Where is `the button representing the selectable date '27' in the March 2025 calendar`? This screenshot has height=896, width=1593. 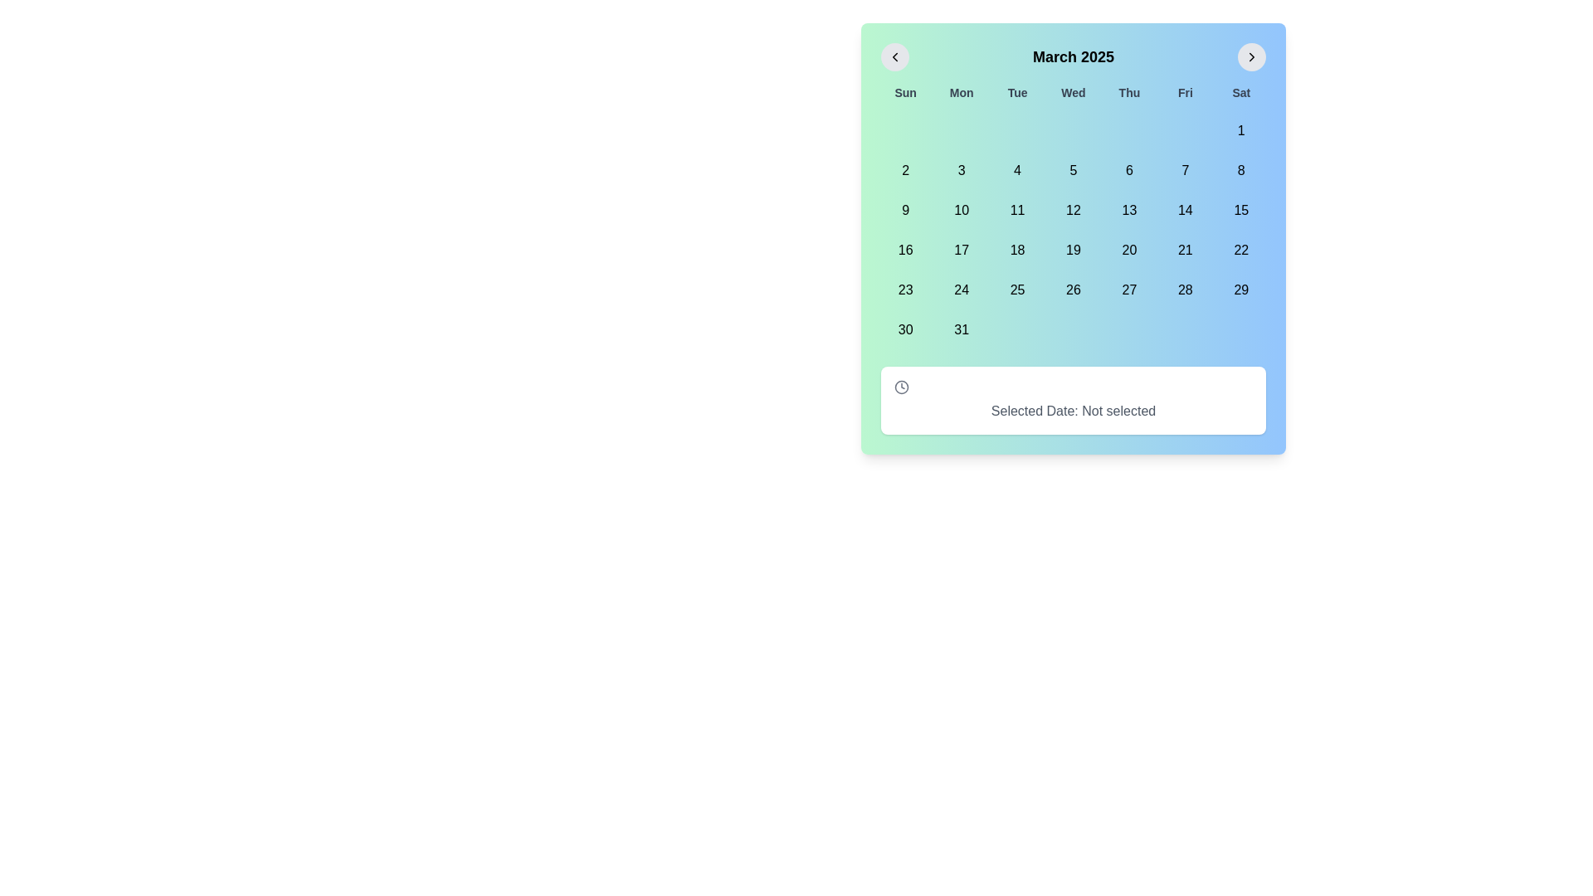 the button representing the selectable date '27' in the March 2025 calendar is located at coordinates (1128, 290).